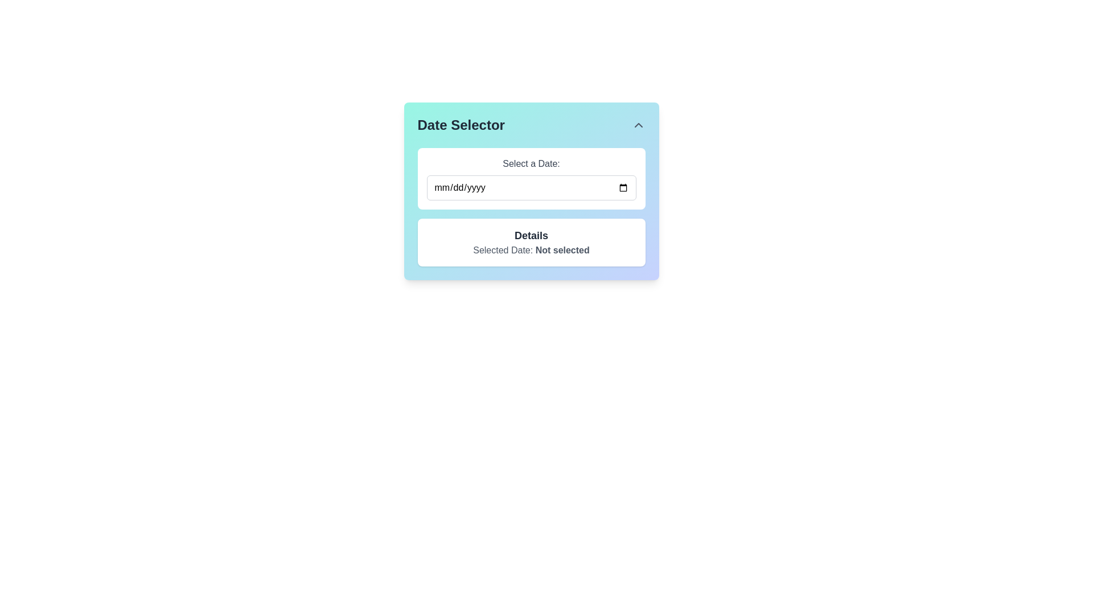  What do you see at coordinates (531, 235) in the screenshot?
I see `the static text label that serves as a section title for the details section in the 'Date Selector' UI card, located above the text 'Selected Date: Not selected'` at bounding box center [531, 235].